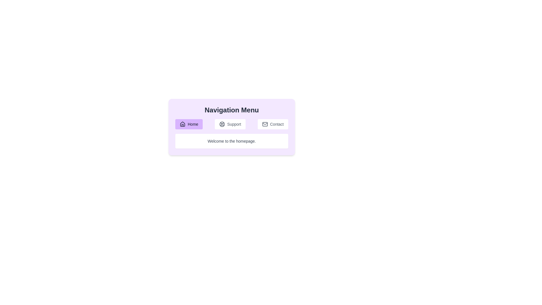 The width and height of the screenshot is (542, 305). Describe the element at coordinates (231, 110) in the screenshot. I see `the Textual Header, which serves` at that location.